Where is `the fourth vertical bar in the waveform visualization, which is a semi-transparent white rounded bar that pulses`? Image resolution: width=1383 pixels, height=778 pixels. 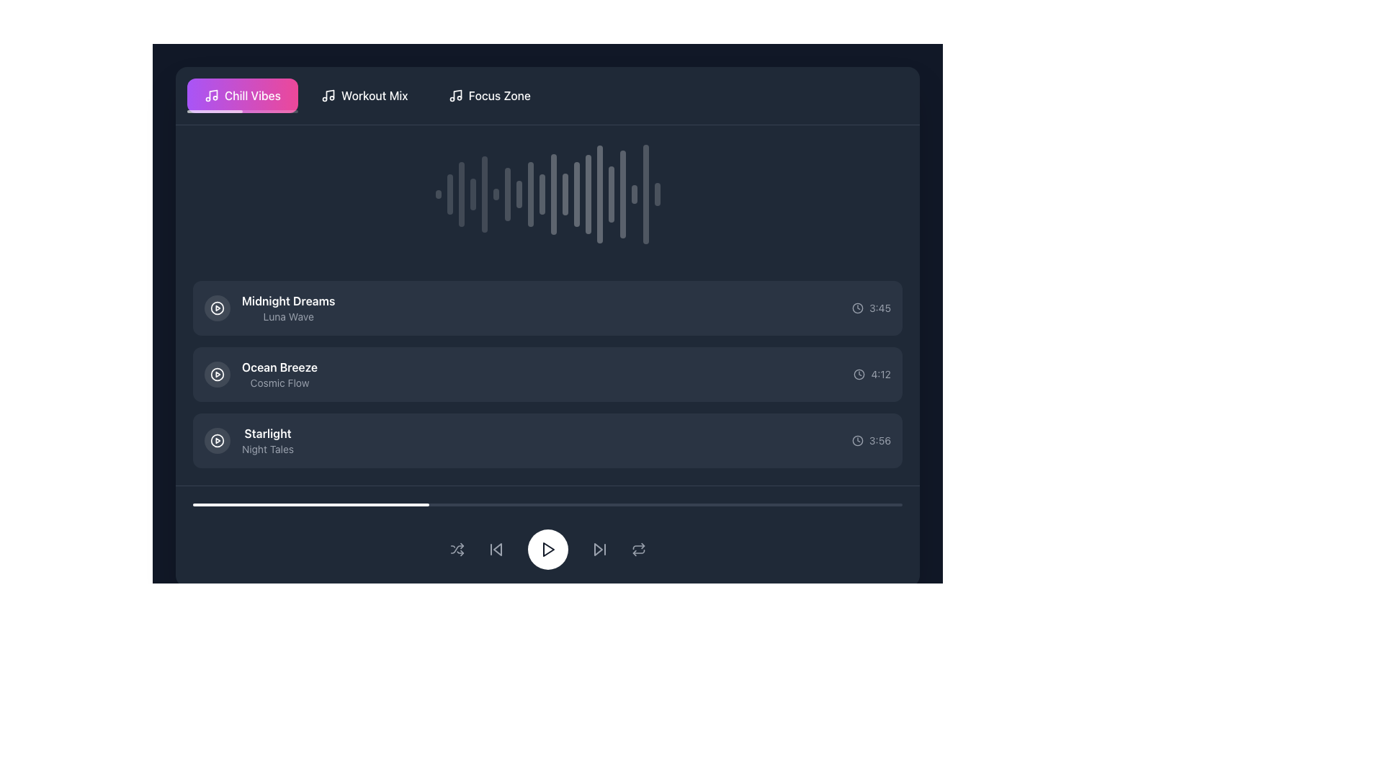
the fourth vertical bar in the waveform visualization, which is a semi-transparent white rounded bar that pulses is located at coordinates (473, 194).